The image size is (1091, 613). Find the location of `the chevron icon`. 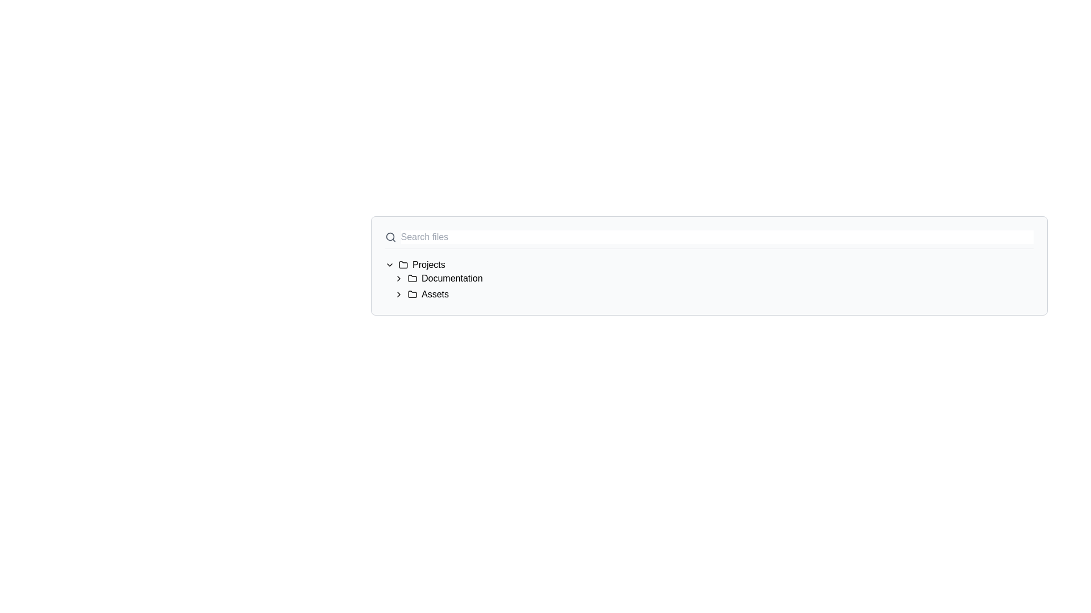

the chevron icon is located at coordinates (390, 264).